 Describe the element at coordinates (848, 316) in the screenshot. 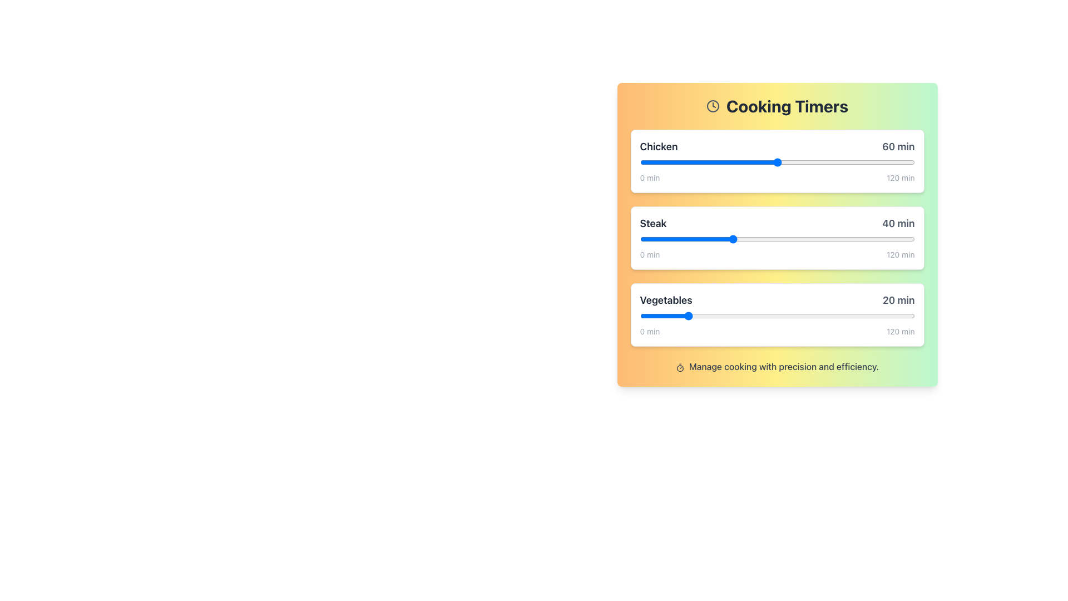

I see `the timer for vegetables` at that location.